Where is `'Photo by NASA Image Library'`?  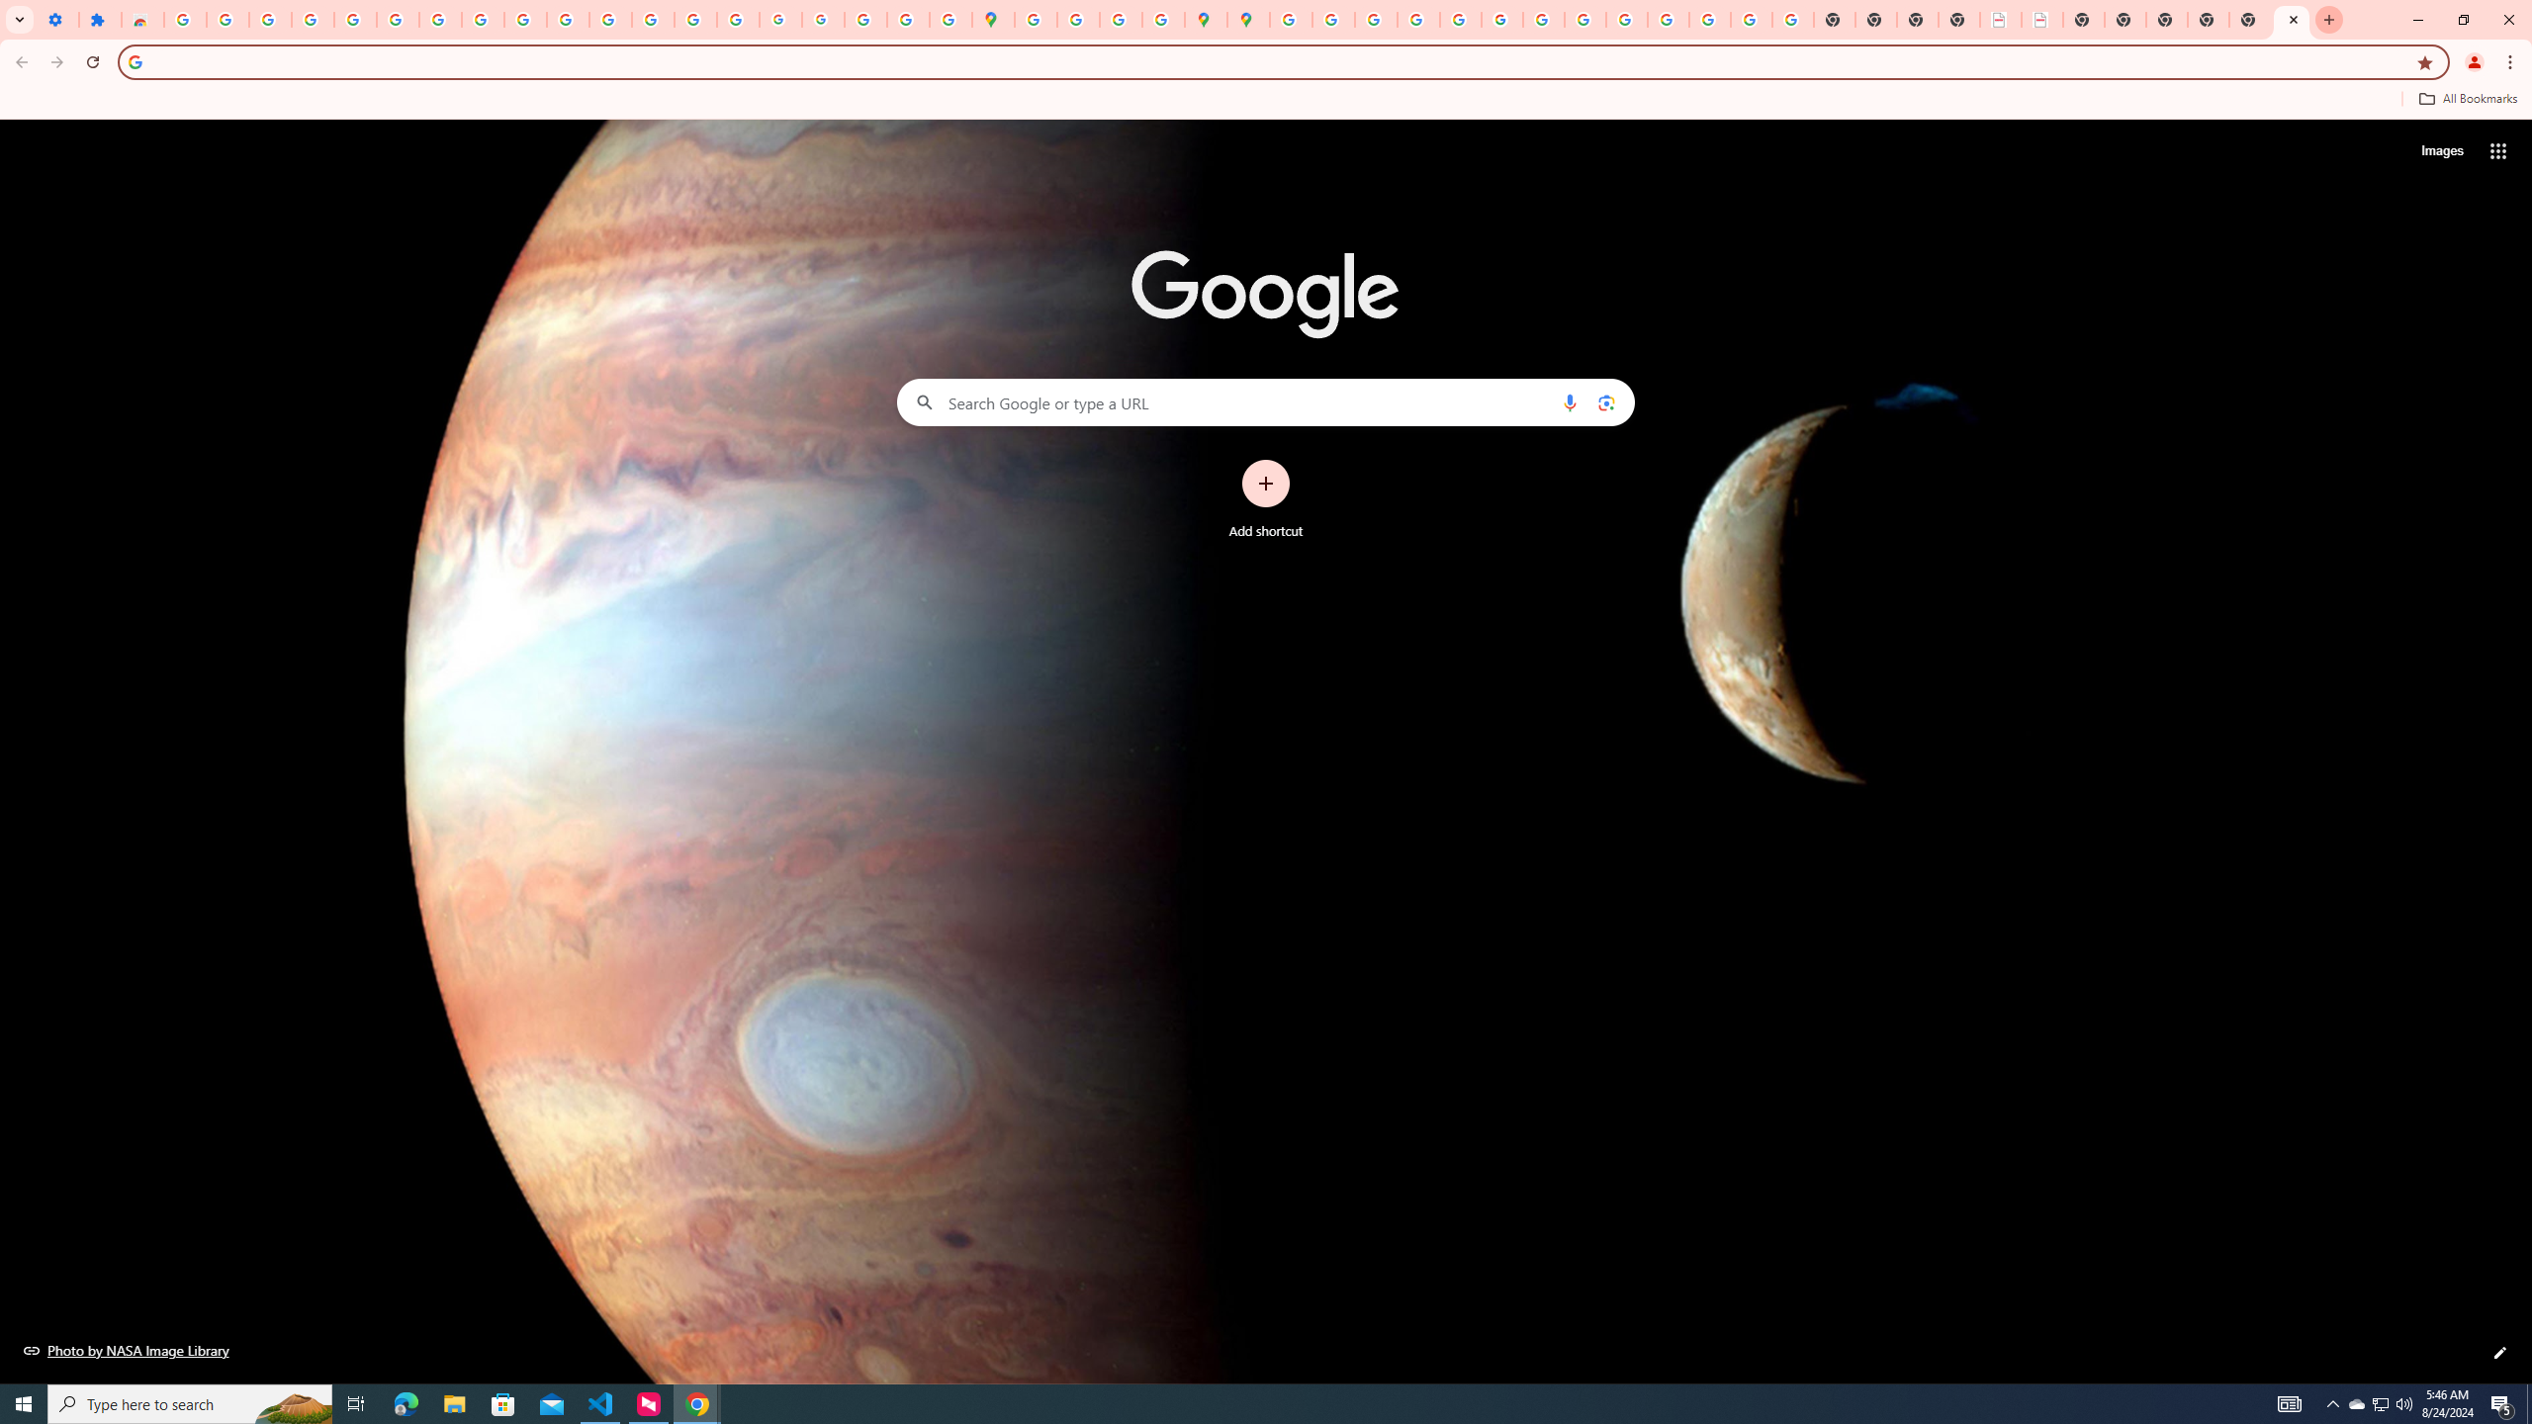
'Photo by NASA Image Library' is located at coordinates (126, 1349).